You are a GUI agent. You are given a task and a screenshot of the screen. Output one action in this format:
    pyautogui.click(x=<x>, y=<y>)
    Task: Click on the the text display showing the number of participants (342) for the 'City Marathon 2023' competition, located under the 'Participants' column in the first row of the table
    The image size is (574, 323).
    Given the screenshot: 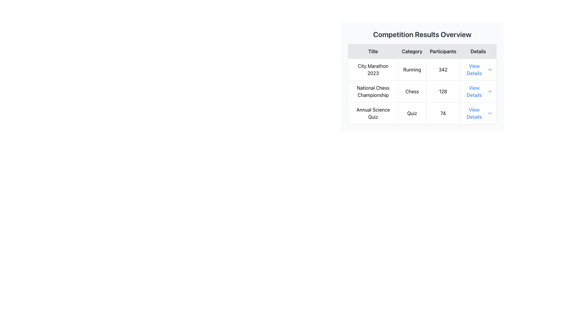 What is the action you would take?
    pyautogui.click(x=443, y=69)
    